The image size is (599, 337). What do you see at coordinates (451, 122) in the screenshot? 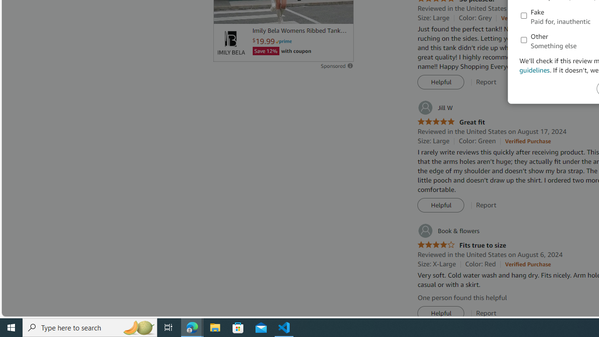
I see `'5.0 out of 5 stars Great fit'` at bounding box center [451, 122].